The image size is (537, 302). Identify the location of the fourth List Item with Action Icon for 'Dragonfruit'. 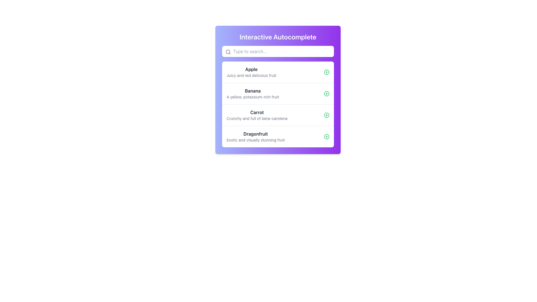
(278, 136).